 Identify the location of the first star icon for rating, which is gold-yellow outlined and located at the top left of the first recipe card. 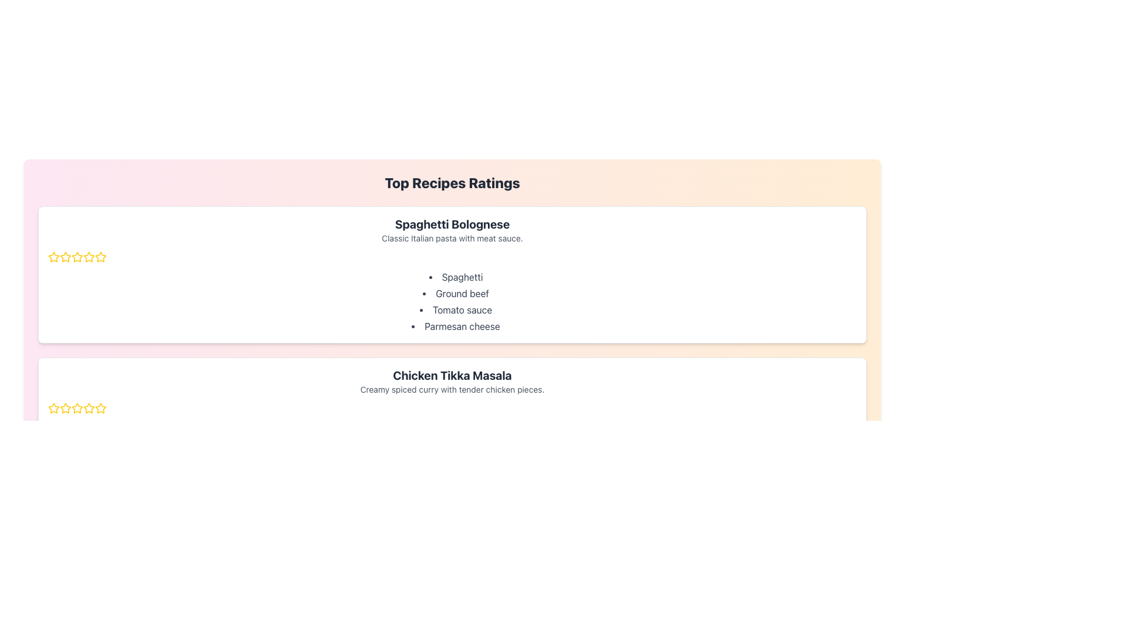
(53, 257).